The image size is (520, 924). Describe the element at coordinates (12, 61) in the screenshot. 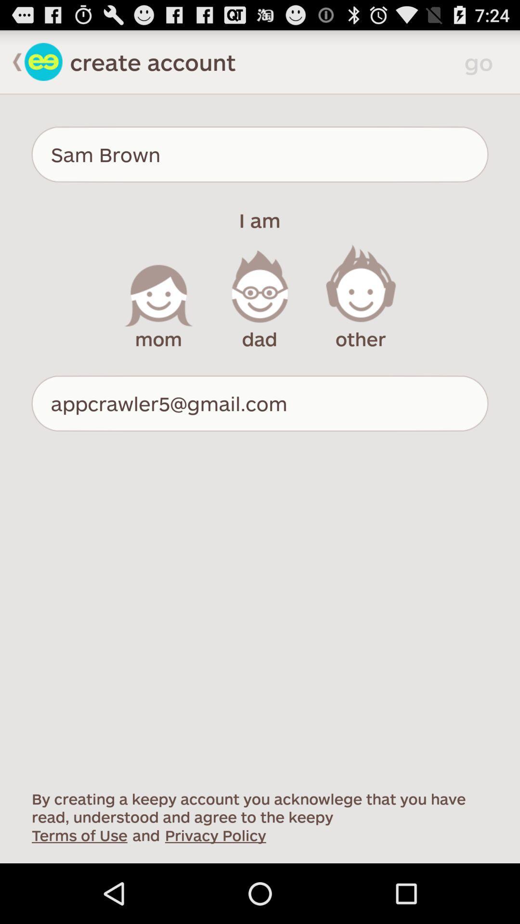

I see `previous` at that location.